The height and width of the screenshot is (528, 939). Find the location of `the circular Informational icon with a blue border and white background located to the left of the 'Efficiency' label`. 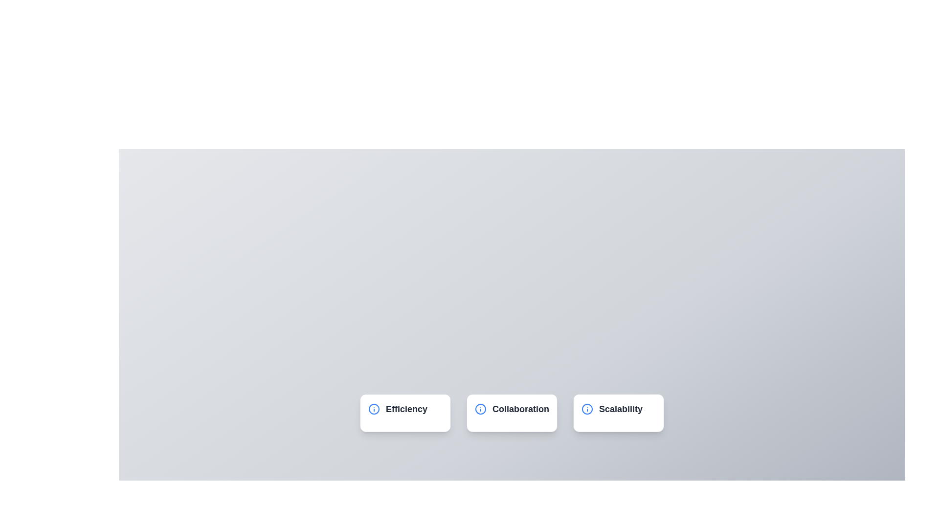

the circular Informational icon with a blue border and white background located to the left of the 'Efficiency' label is located at coordinates (373, 409).